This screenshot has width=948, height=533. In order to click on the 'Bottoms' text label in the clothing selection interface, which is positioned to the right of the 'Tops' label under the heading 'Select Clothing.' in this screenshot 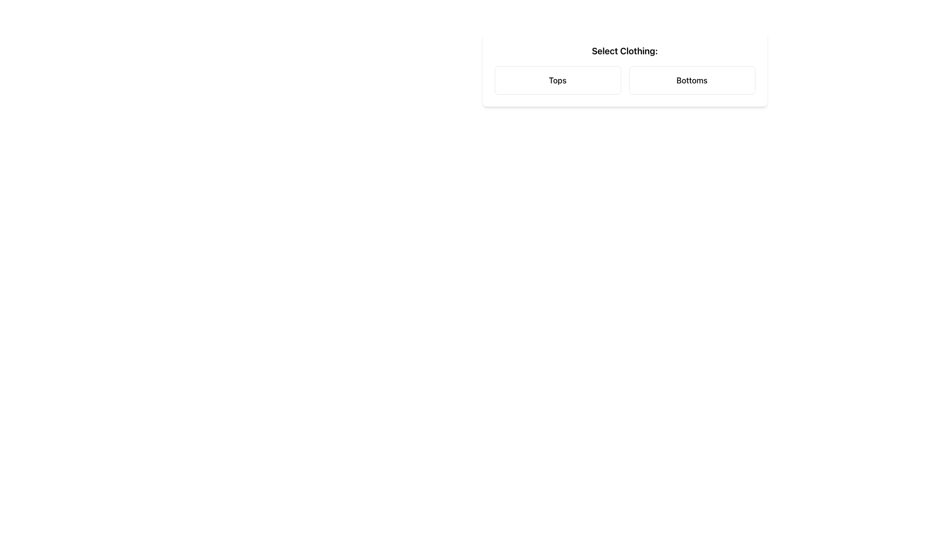, I will do `click(691, 79)`.